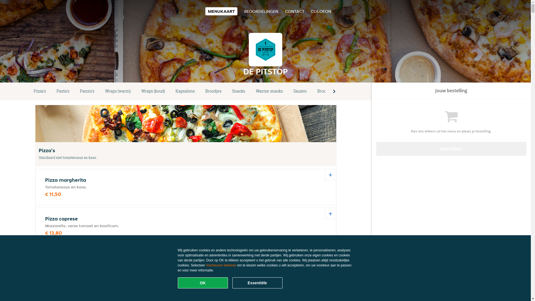 The height and width of the screenshot is (301, 535). I want to click on 'Voorkeuren beheren', so click(221, 265).